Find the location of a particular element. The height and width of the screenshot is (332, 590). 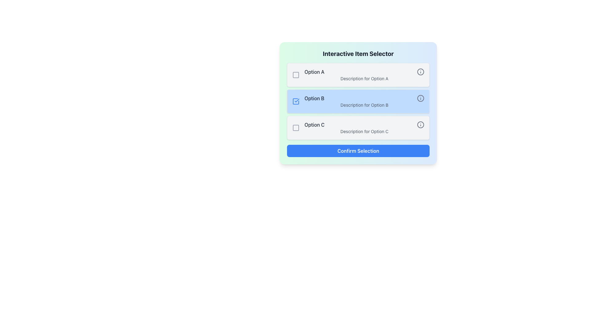

the second selectable list item labeled 'Option B' is located at coordinates (358, 101).